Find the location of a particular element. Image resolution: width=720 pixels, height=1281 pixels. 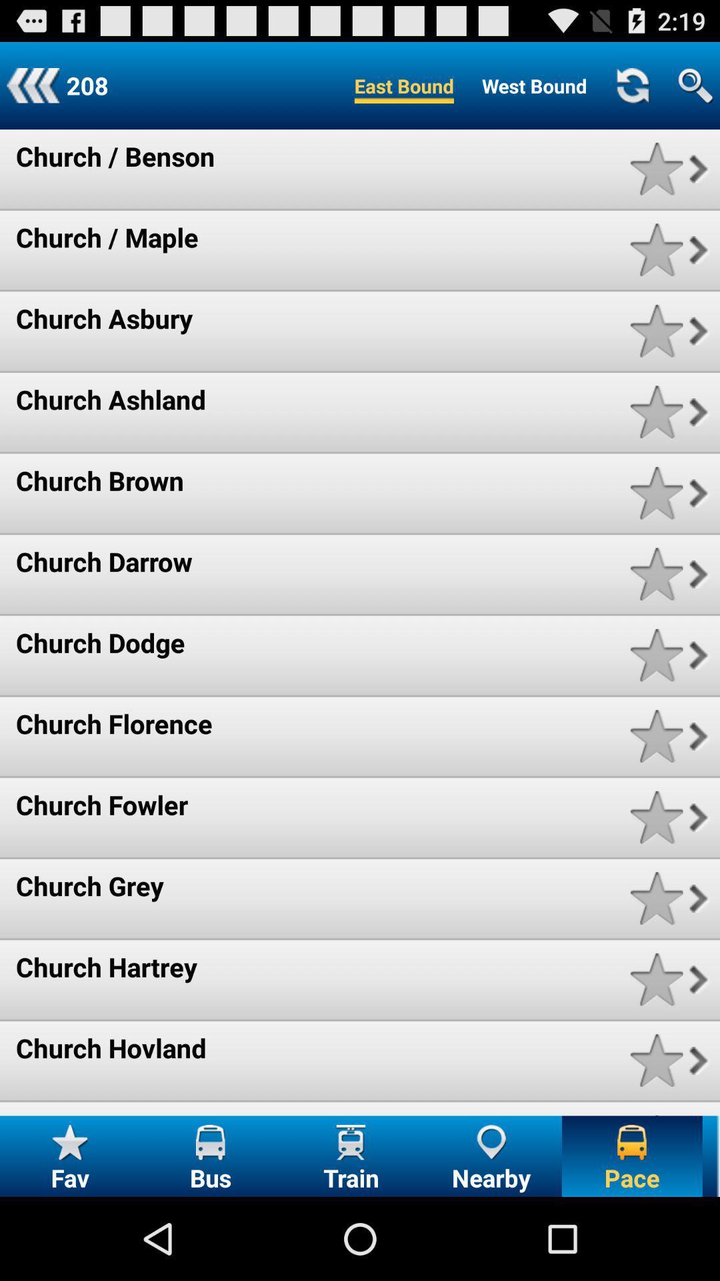

the search icon is located at coordinates (695, 91).